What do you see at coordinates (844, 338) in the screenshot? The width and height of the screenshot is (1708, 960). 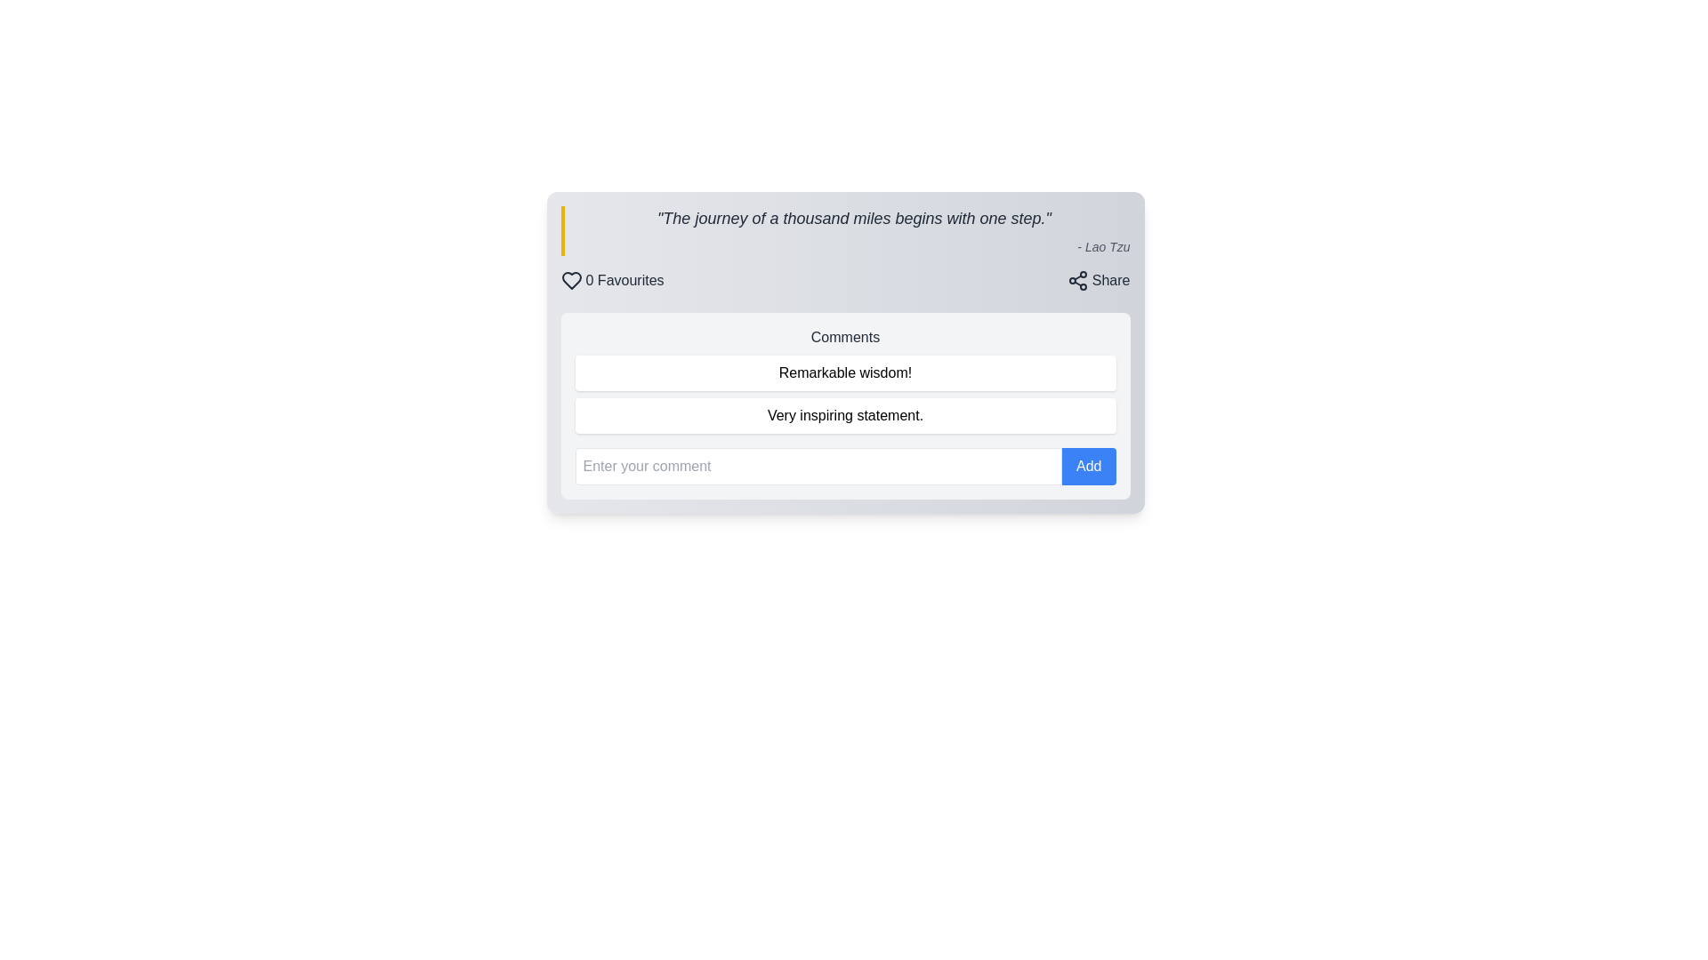 I see `the static text label displaying 'Comments', which is styled in gray and positioned at the top of the comments section` at bounding box center [844, 338].